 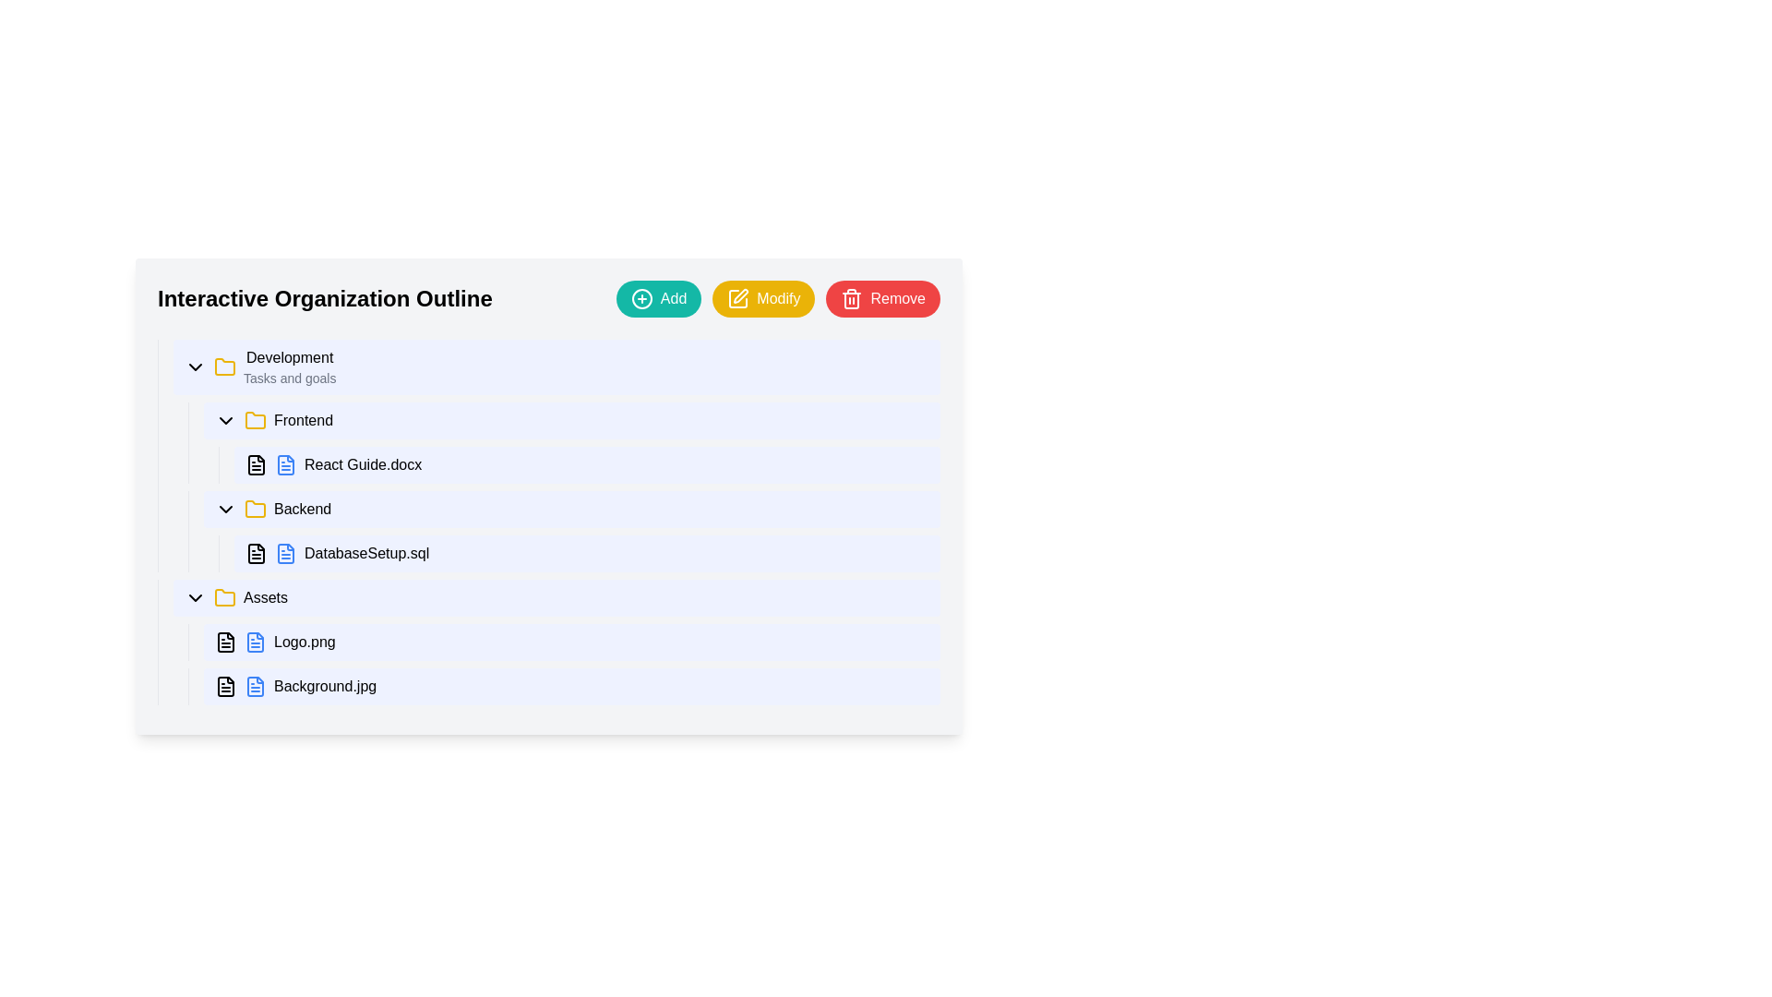 I want to click on the document icon preceding 'React Guide.docx' in the second level of the expandable tree structure under 'Frontend', so click(x=256, y=464).